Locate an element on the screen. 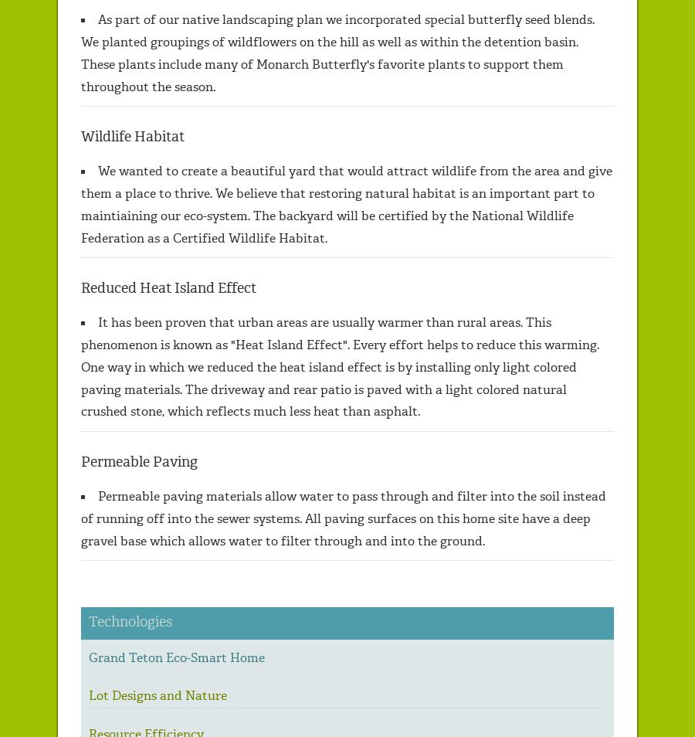 This screenshot has width=695, height=737. 'Wildlife Habitat' is located at coordinates (132, 135).